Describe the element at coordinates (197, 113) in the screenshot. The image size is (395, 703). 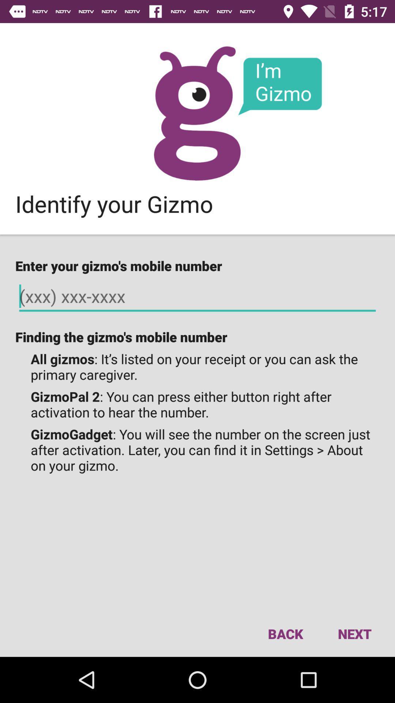
I see `share the article` at that location.